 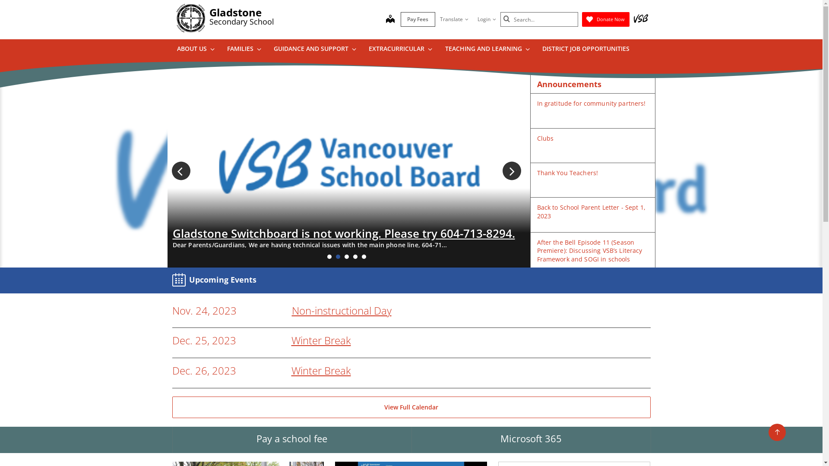 What do you see at coordinates (453, 19) in the screenshot?
I see `'Translate'` at bounding box center [453, 19].